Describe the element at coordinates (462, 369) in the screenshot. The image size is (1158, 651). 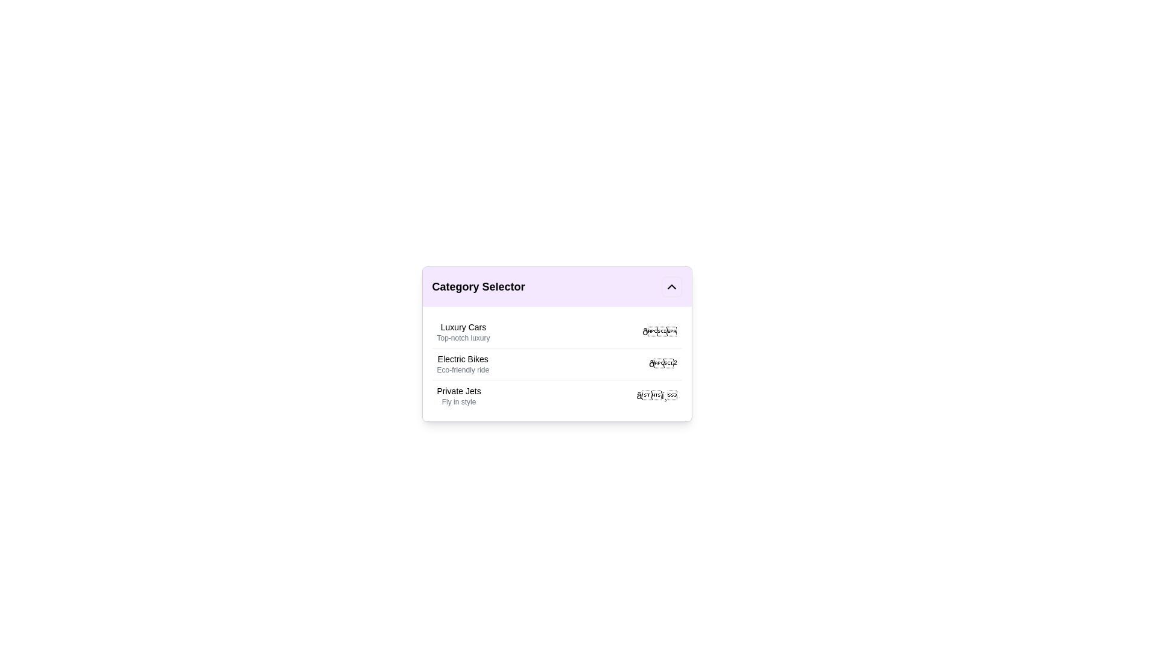
I see `the text label displaying 'Eco-friendly ride', which is styled in gray and positioned beneath the 'Electric Bikes' heading` at that location.